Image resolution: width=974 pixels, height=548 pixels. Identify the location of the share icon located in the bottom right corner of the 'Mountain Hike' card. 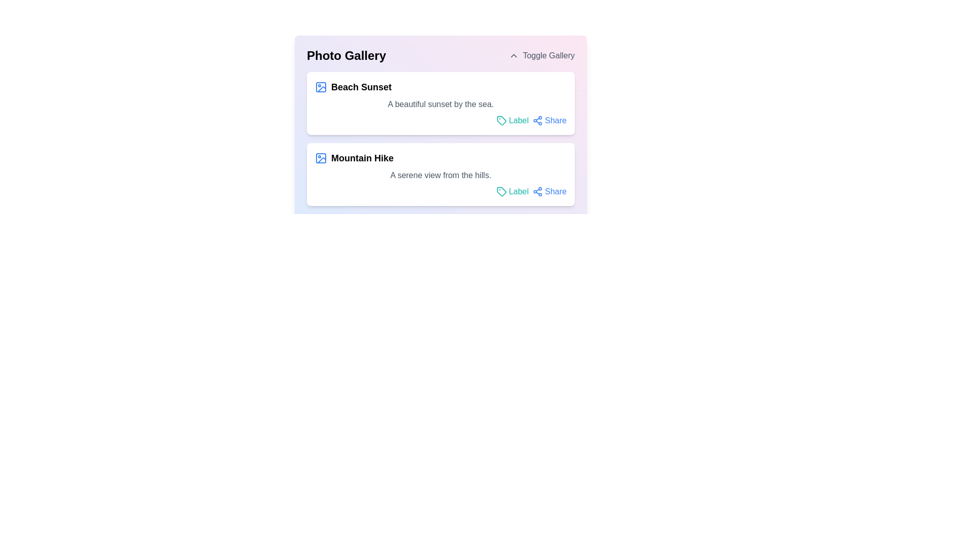
(537, 192).